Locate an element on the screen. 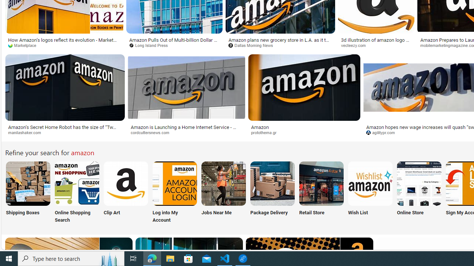 Image resolution: width=474 pixels, height=266 pixels. 'agilitypr.com' is located at coordinates (383, 132).